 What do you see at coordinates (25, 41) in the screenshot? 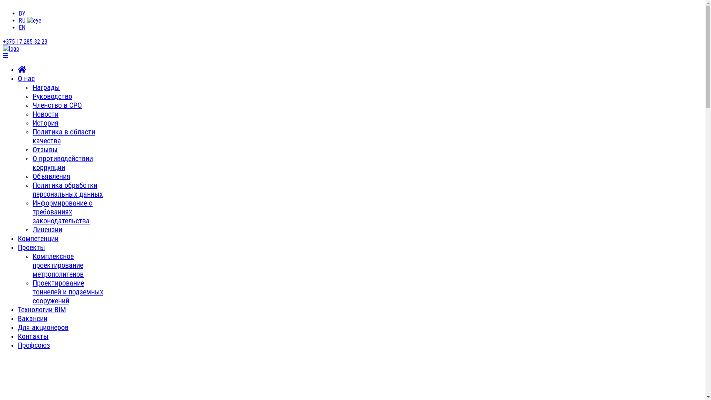
I see `'+375 17 285-32-23'` at bounding box center [25, 41].